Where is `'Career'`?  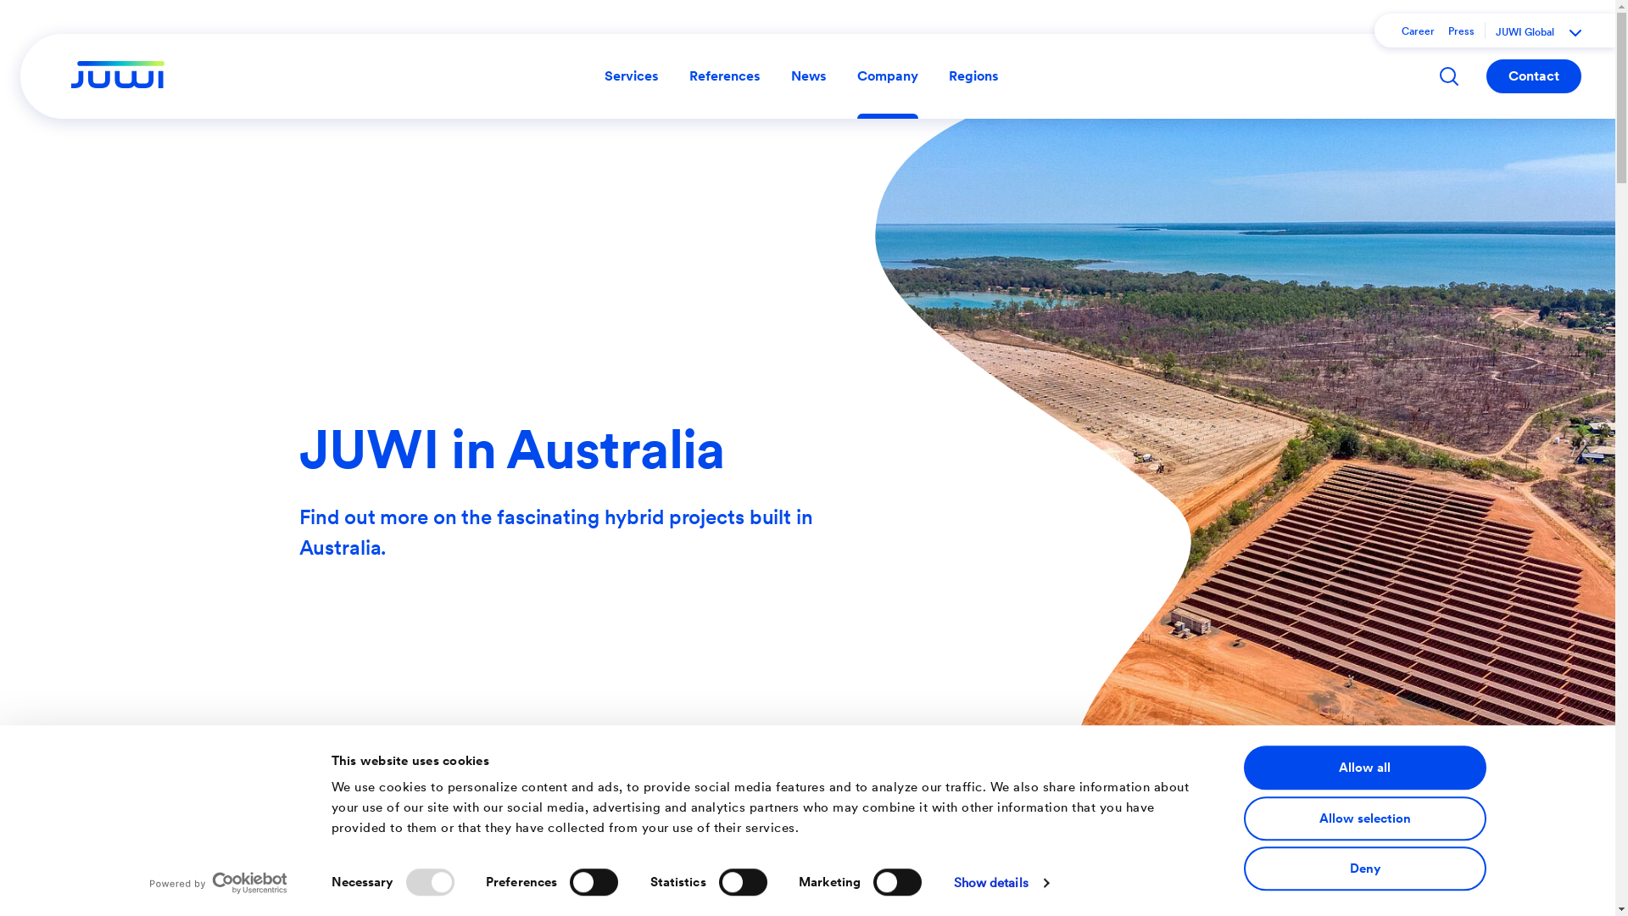 'Career' is located at coordinates (1418, 31).